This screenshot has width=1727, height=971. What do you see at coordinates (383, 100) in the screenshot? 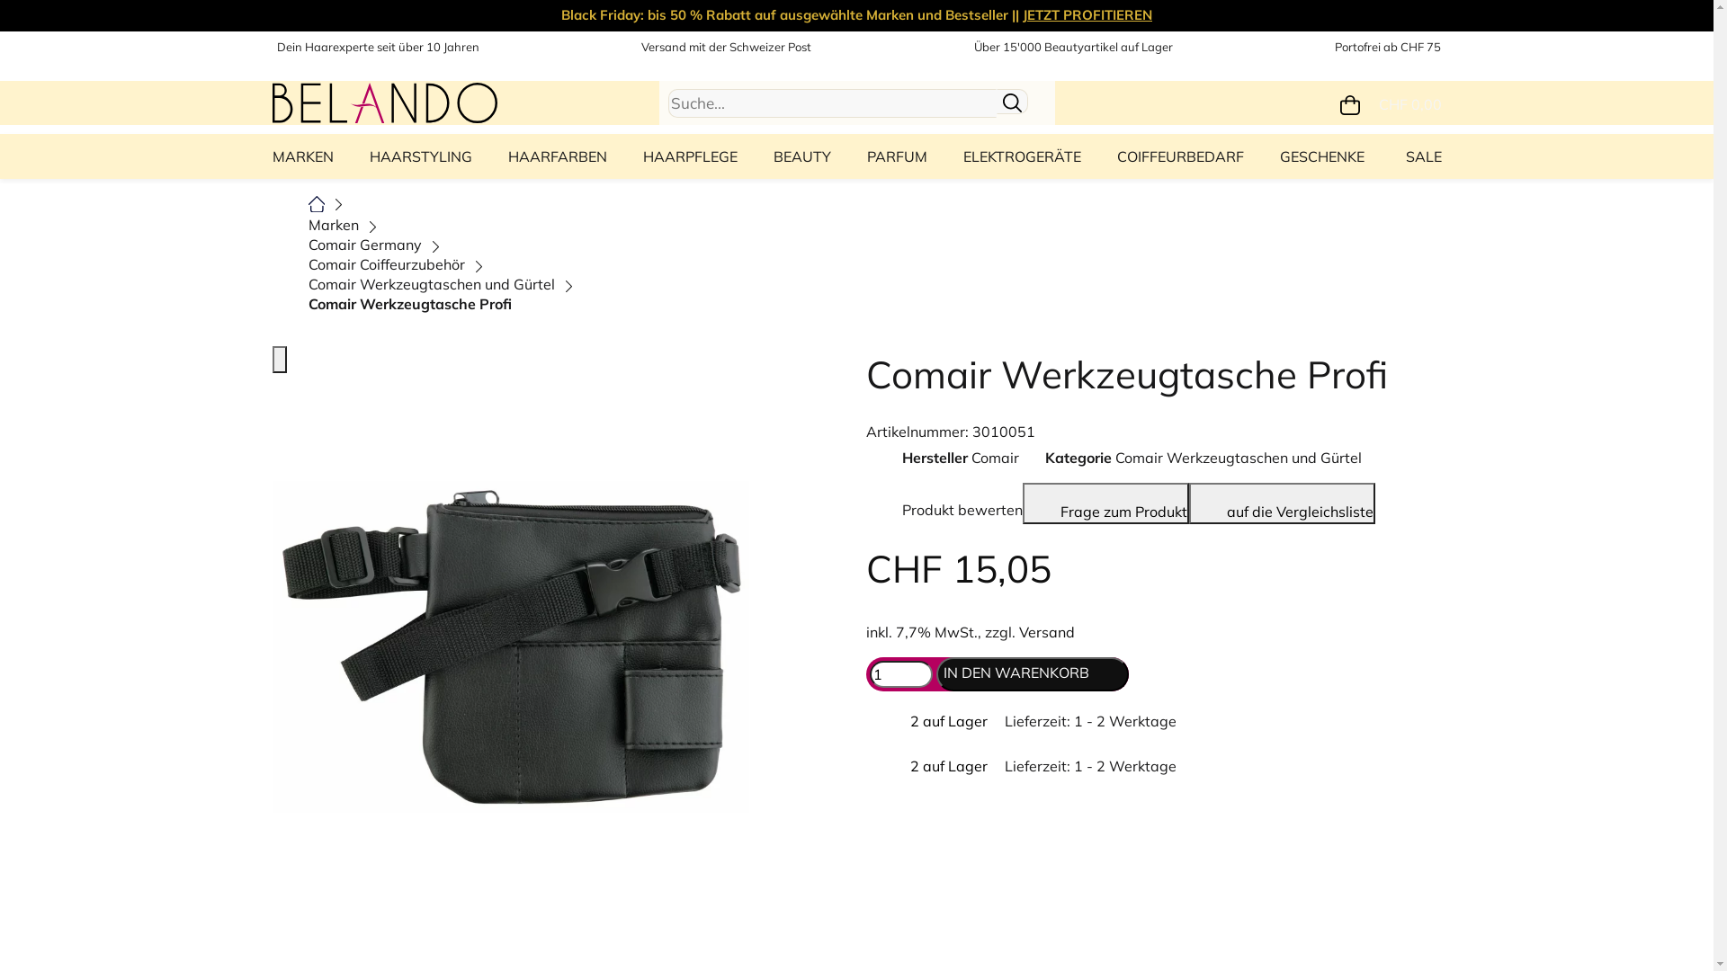
I see `'Belando.ch'` at bounding box center [383, 100].